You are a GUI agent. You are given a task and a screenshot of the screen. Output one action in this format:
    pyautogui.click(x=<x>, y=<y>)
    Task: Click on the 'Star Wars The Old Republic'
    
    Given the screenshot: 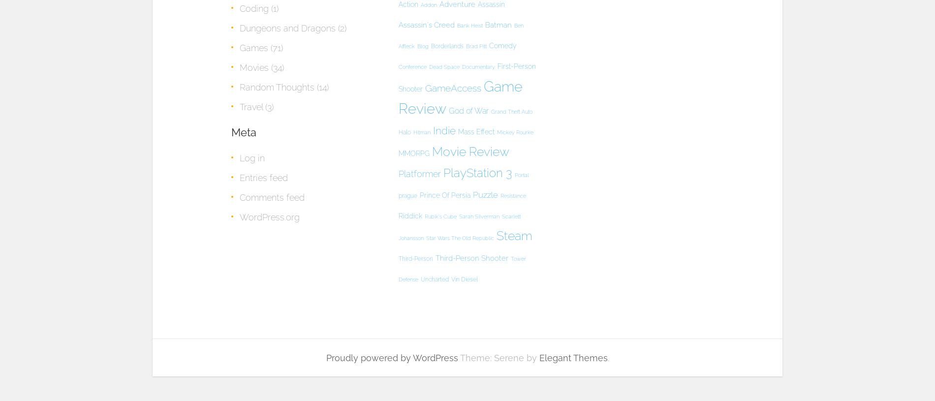 What is the action you would take?
    pyautogui.click(x=426, y=238)
    